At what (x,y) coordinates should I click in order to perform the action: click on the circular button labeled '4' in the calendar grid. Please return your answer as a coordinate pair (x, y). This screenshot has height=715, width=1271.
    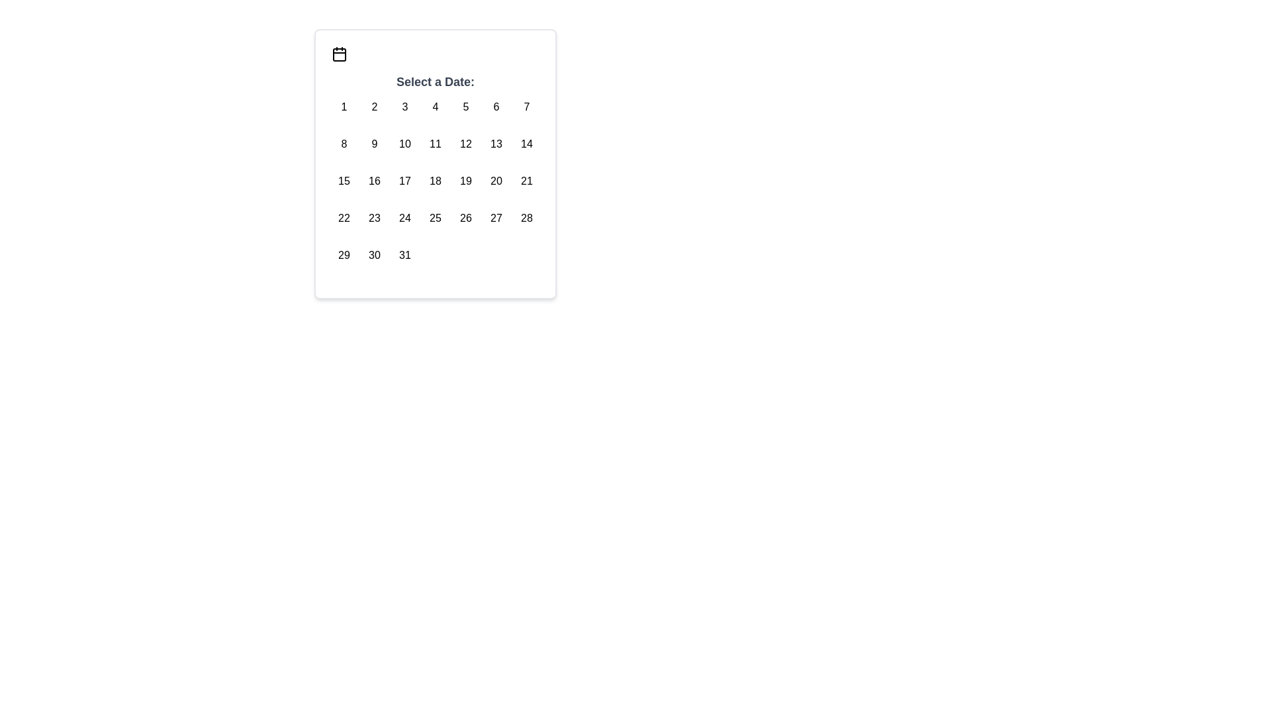
    Looking at the image, I should click on (435, 107).